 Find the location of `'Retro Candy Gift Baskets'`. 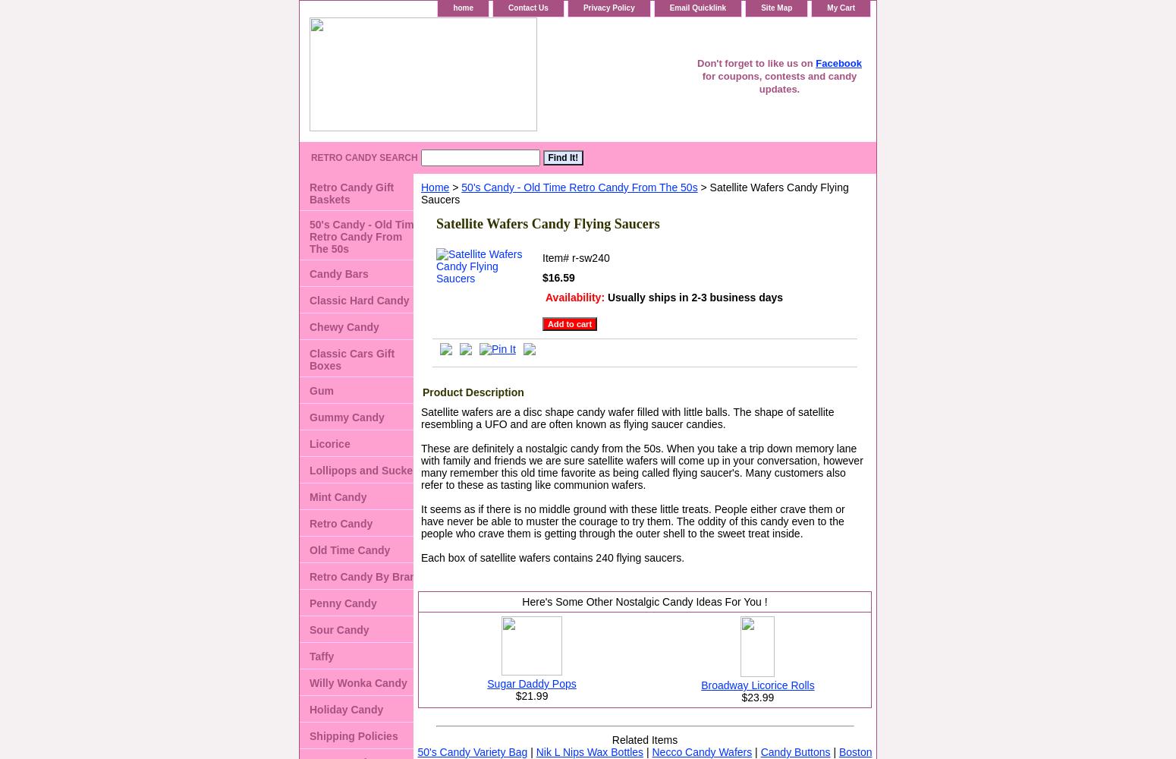

'Retro Candy Gift Baskets' is located at coordinates (351, 194).